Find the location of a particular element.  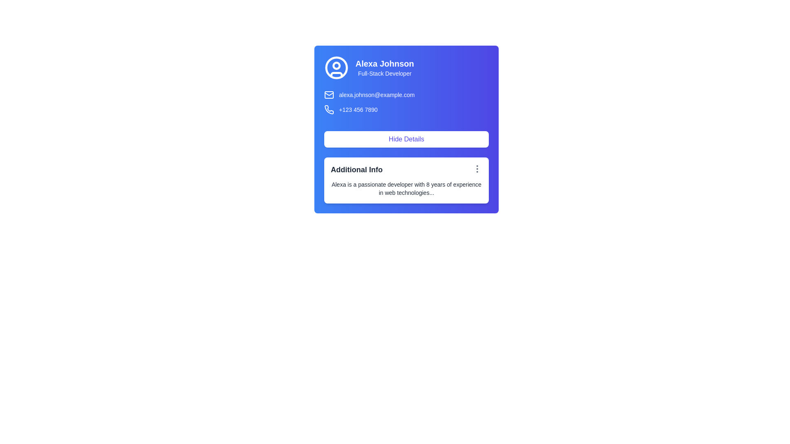

the Ellipsis icon located at the far-right of the 'Additional Info' section header is located at coordinates (477, 169).